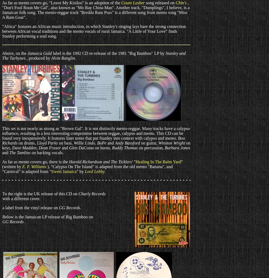 The width and height of the screenshot is (269, 278). Describe the element at coordinates (181, 3) in the screenshot. I see `'Chin's'` at that location.